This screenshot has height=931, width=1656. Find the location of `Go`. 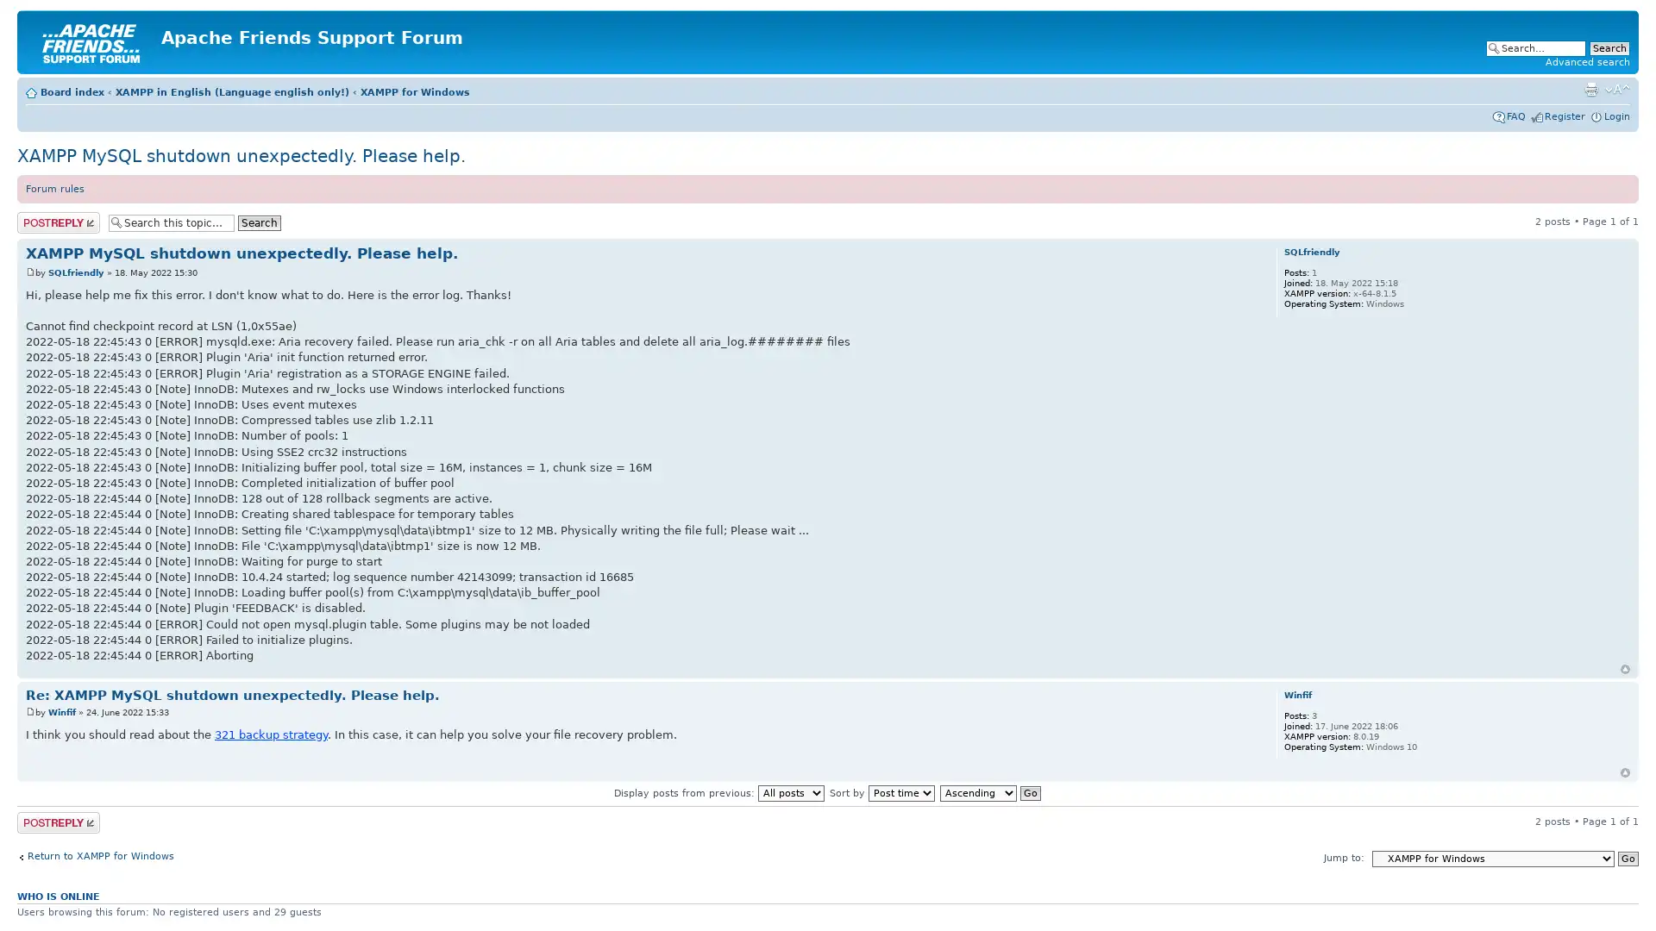

Go is located at coordinates (1030, 793).